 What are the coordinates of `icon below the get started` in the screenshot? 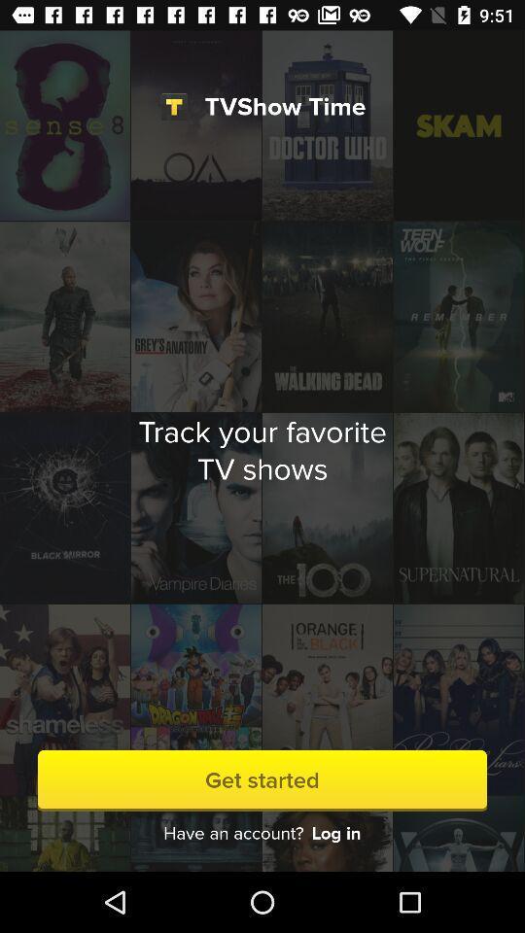 It's located at (334, 832).